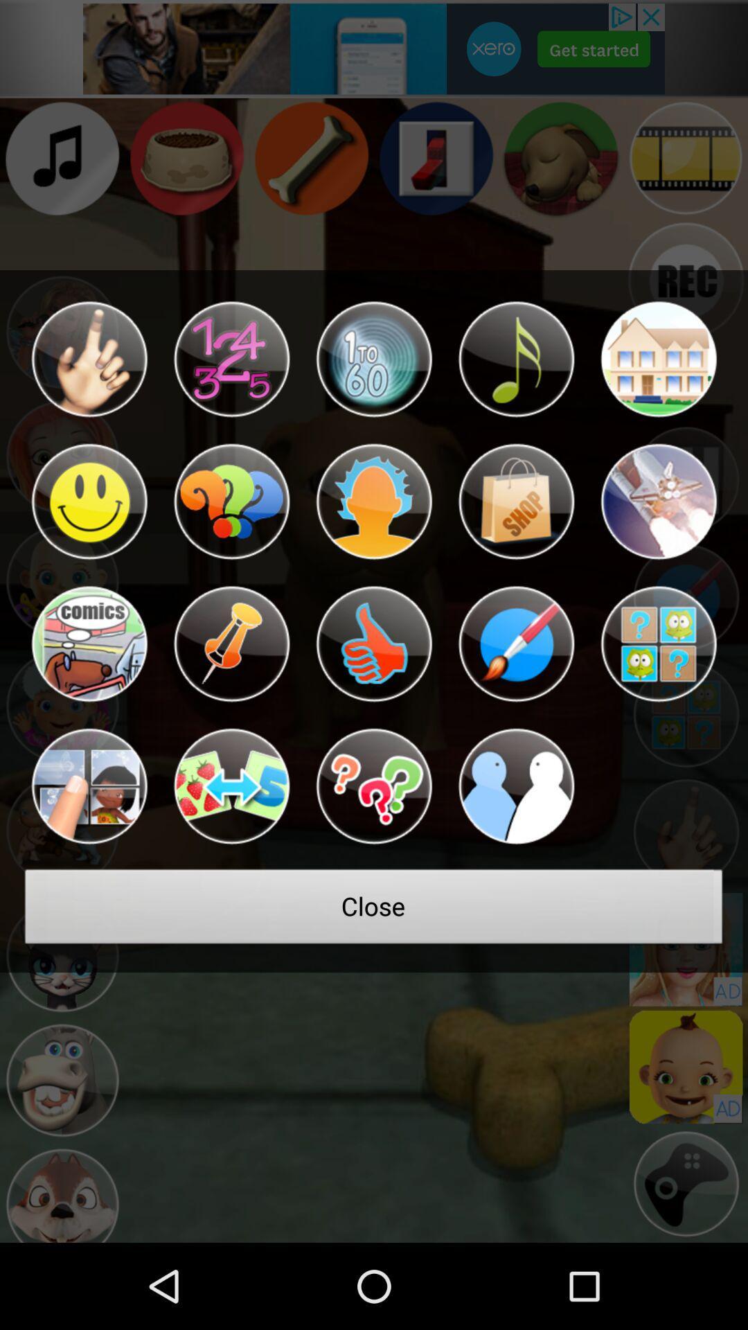  What do you see at coordinates (516, 841) in the screenshot?
I see `the group icon` at bounding box center [516, 841].